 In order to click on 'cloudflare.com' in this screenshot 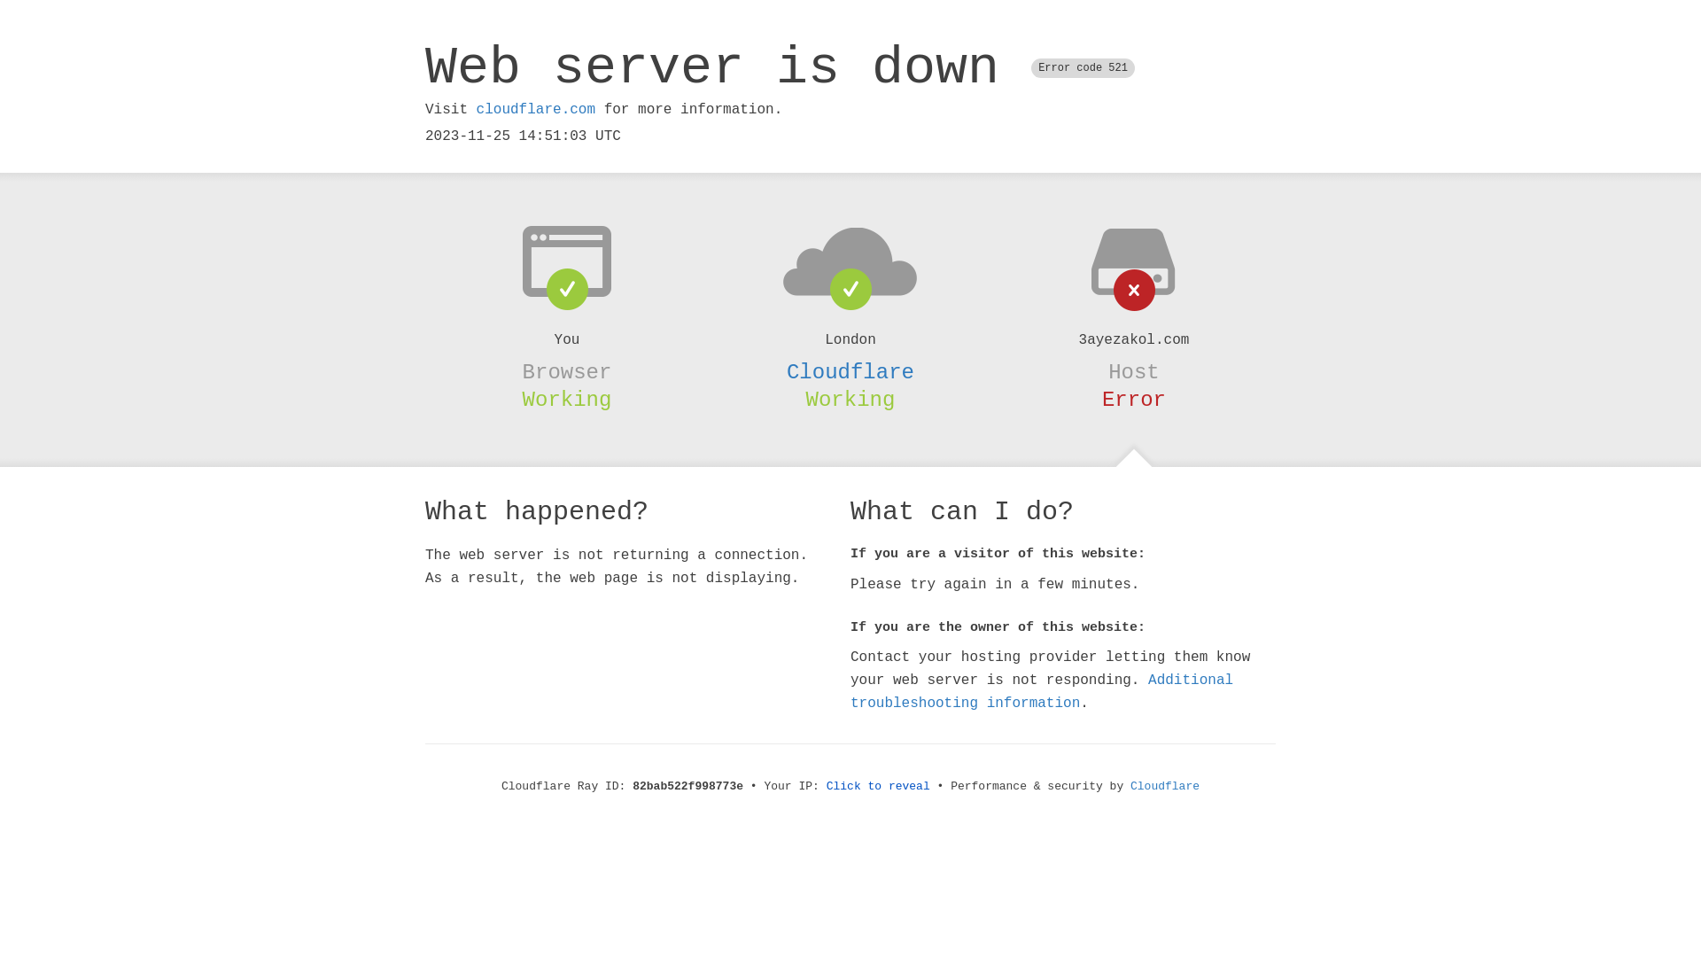, I will do `click(534, 109)`.